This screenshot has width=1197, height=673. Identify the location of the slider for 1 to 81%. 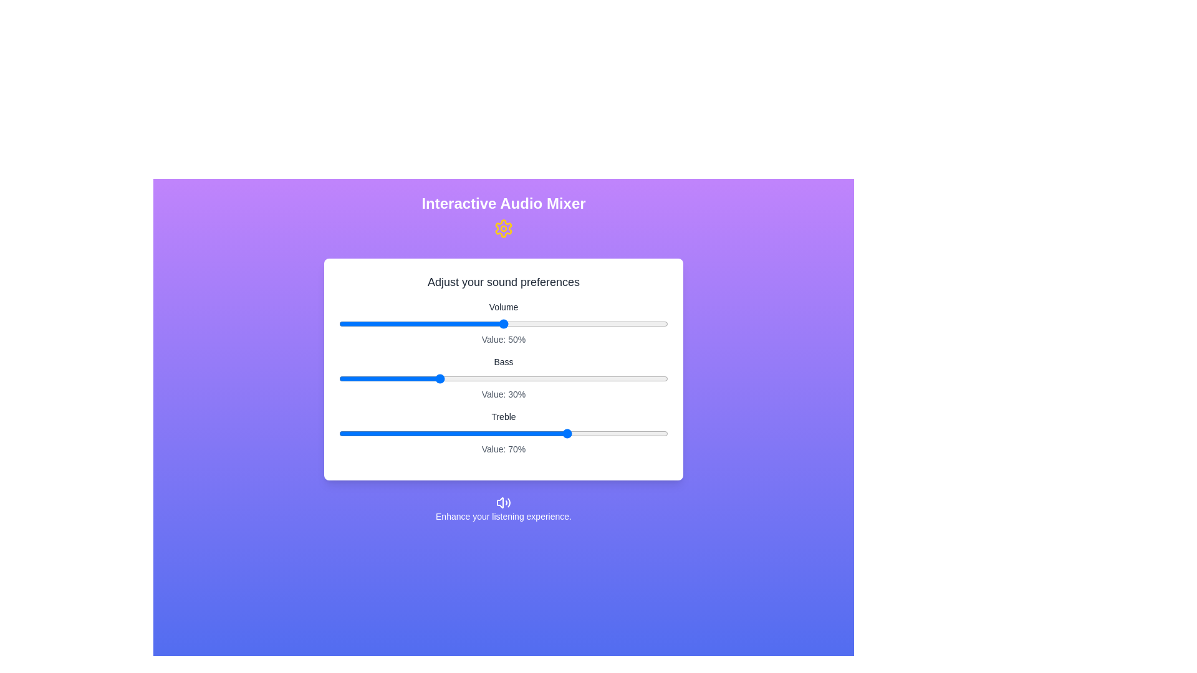
(605, 378).